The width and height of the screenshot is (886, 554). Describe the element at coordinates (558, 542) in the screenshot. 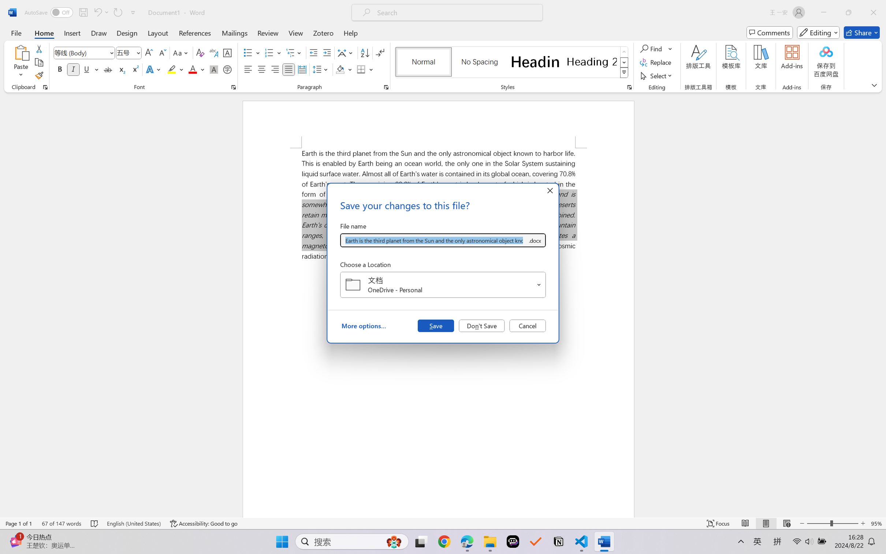

I see `'Notion'` at that location.